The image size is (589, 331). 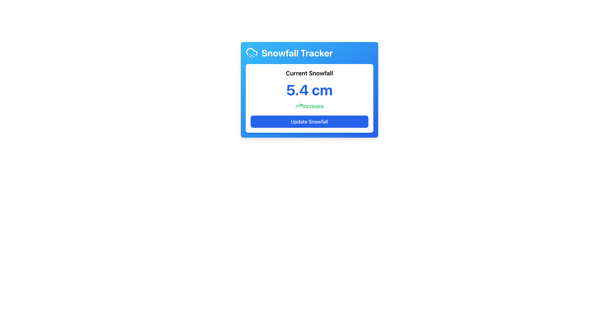 I want to click on the confirmation button located below the 'Increase' text, so click(x=309, y=122).